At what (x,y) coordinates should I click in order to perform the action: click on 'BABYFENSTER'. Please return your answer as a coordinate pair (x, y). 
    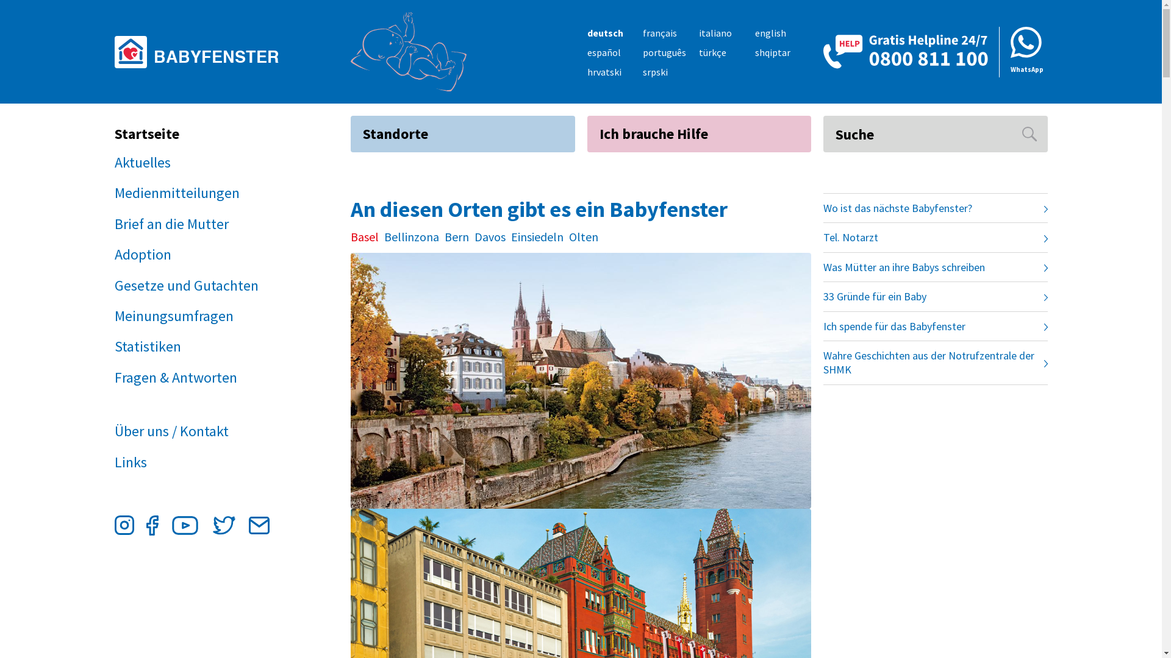
    Looking at the image, I should click on (114, 51).